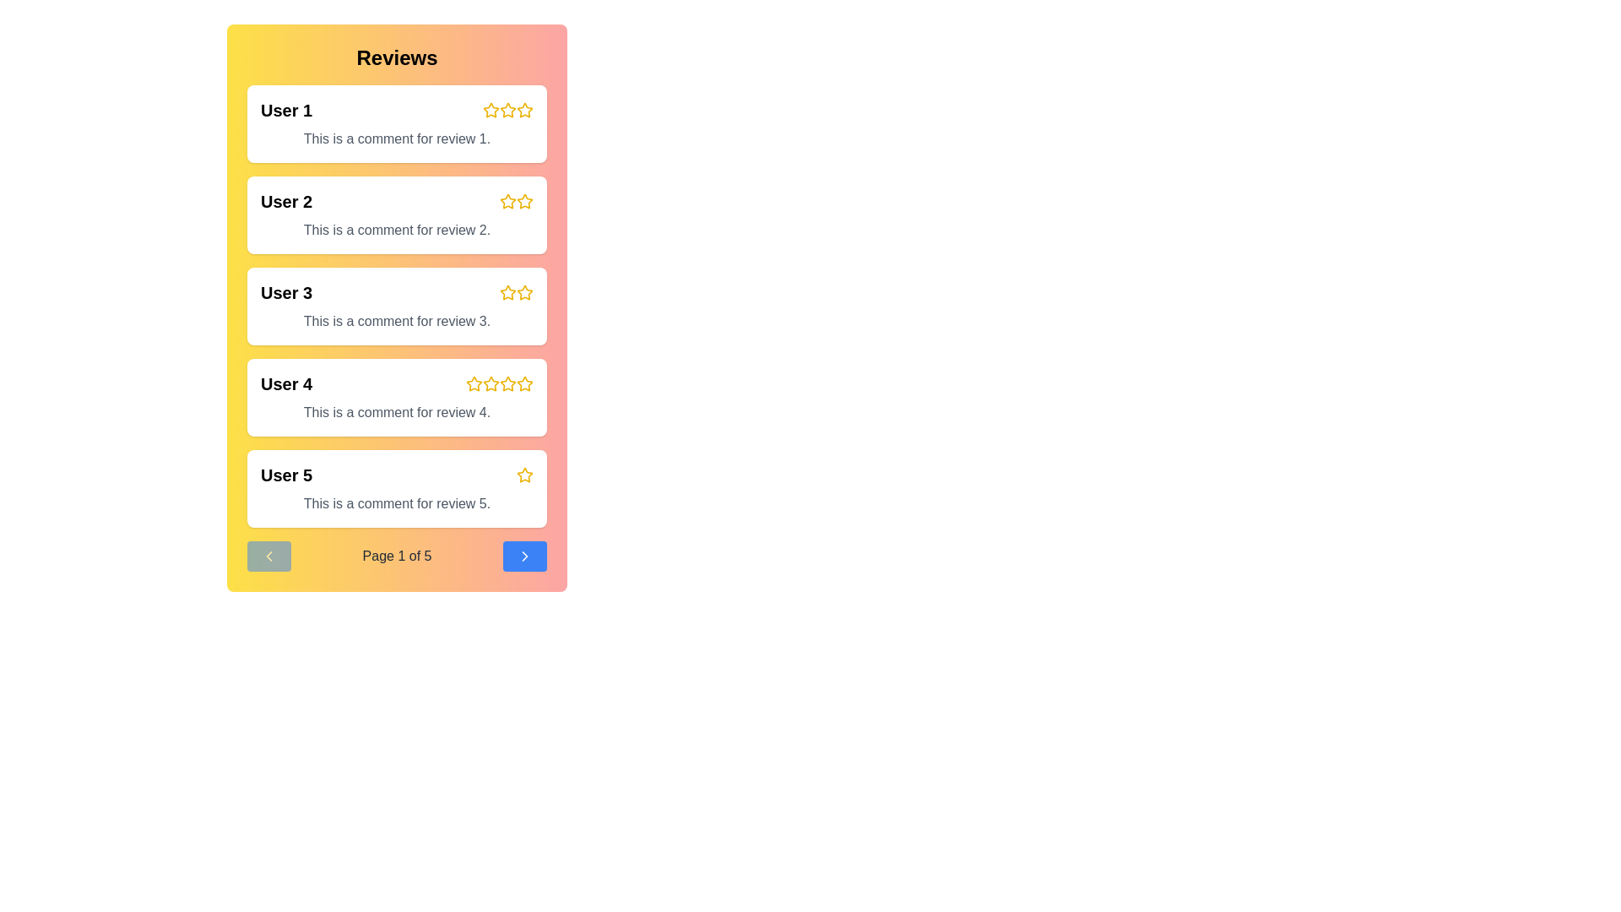 The width and height of the screenshot is (1621, 912). I want to click on the chevron icon located within the blue button at the bottom right corner of the layout, so click(523, 556).